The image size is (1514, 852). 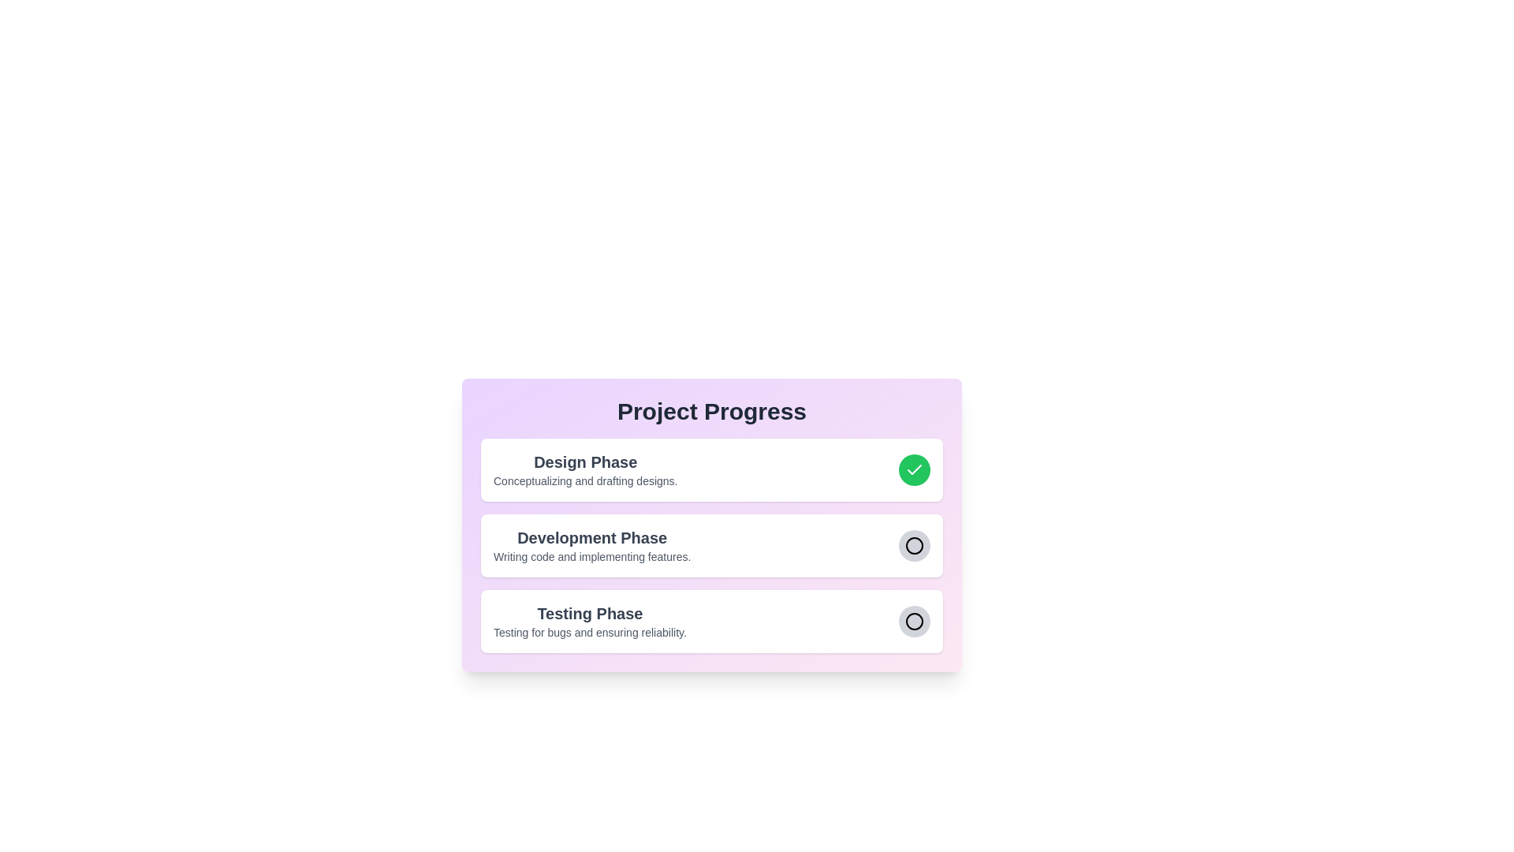 I want to click on the SVG Circle element representing the inner circle of the icon in the 'Testing Phase' section, located at the bottom-right corner of the interface, so click(x=915, y=620).